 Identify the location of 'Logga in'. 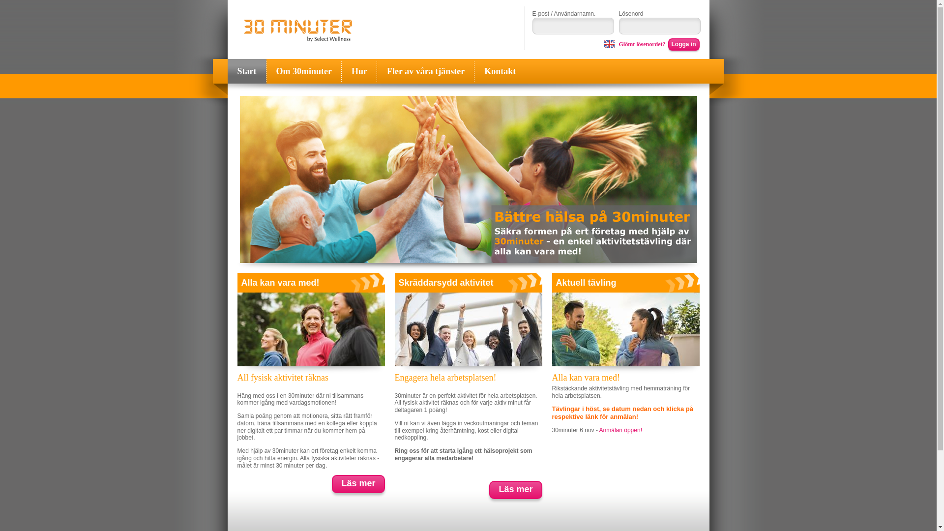
(683, 44).